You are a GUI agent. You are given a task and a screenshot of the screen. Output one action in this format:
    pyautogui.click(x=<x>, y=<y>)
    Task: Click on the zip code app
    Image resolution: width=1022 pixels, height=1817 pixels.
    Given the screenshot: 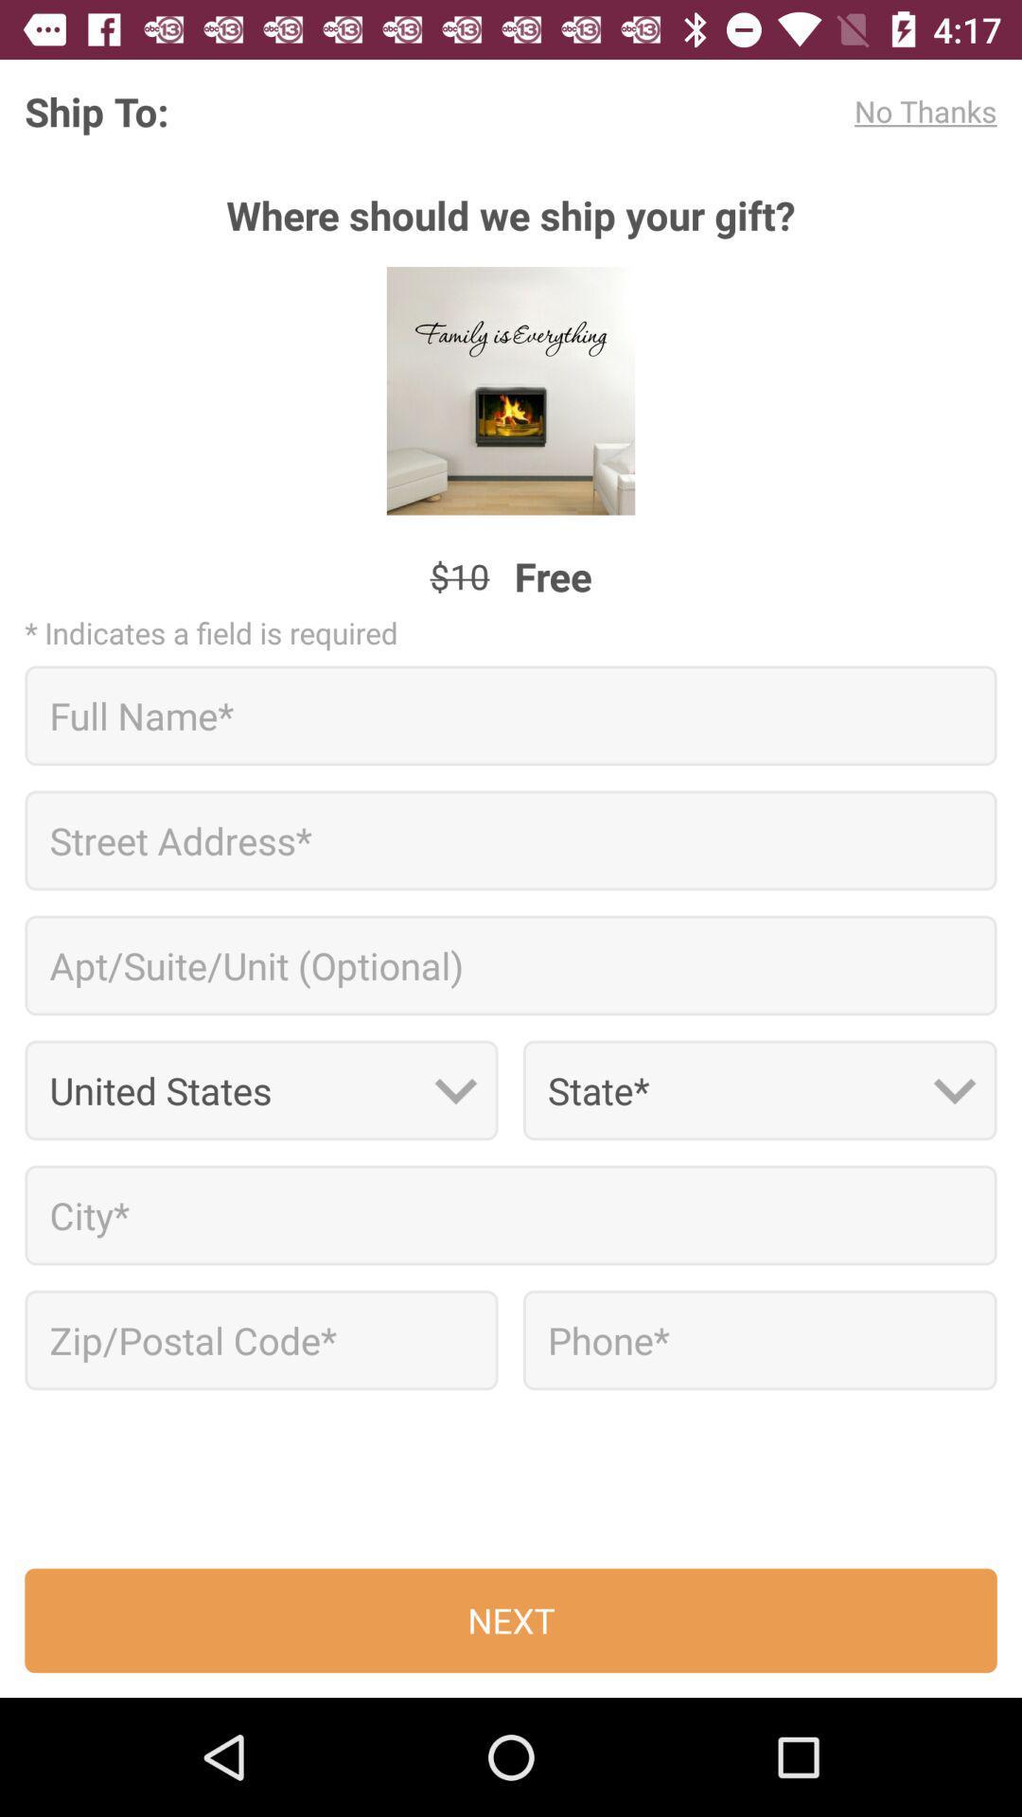 What is the action you would take?
    pyautogui.click(x=261, y=1339)
    